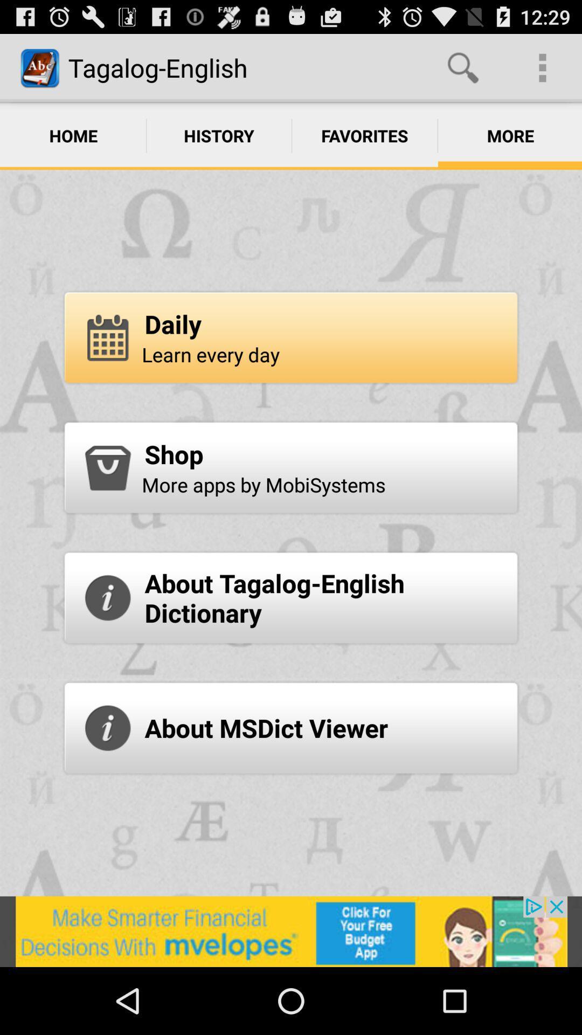 This screenshot has width=582, height=1035. I want to click on visit the advertisement site, so click(291, 931).